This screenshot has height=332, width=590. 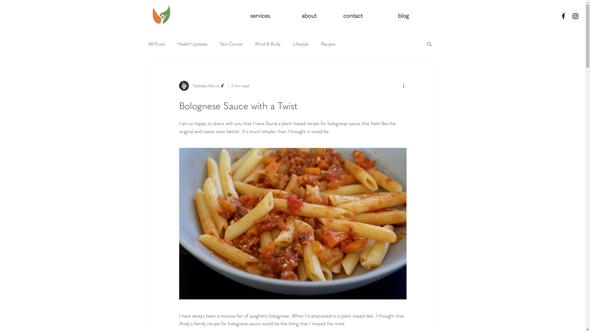 What do you see at coordinates (268, 43) in the screenshot?
I see `'Mind & Body'` at bounding box center [268, 43].